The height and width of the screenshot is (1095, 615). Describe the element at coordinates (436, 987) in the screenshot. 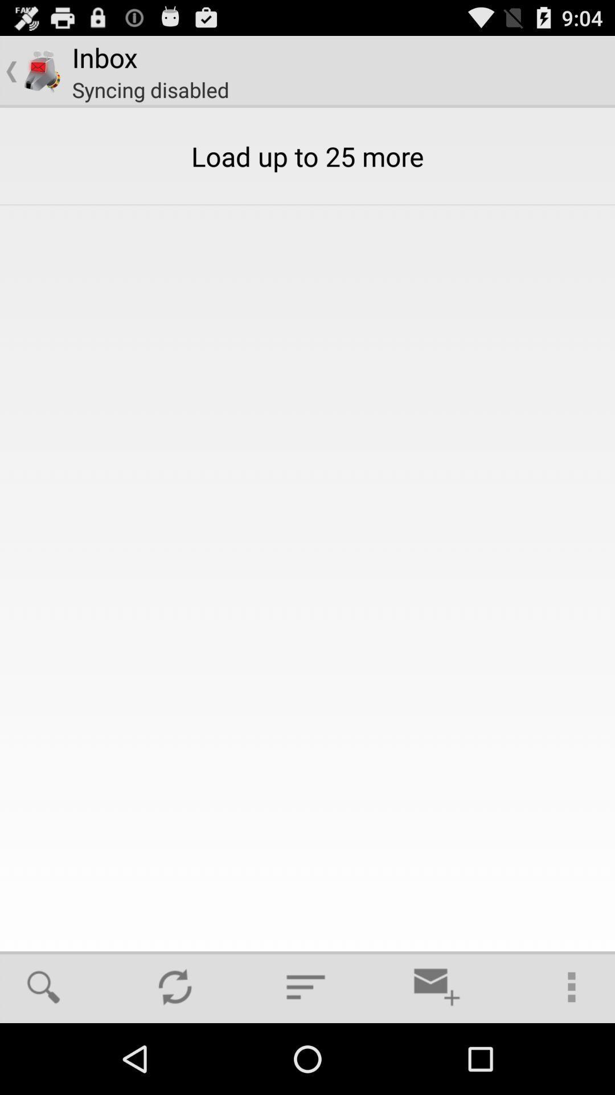

I see `item below load up to` at that location.